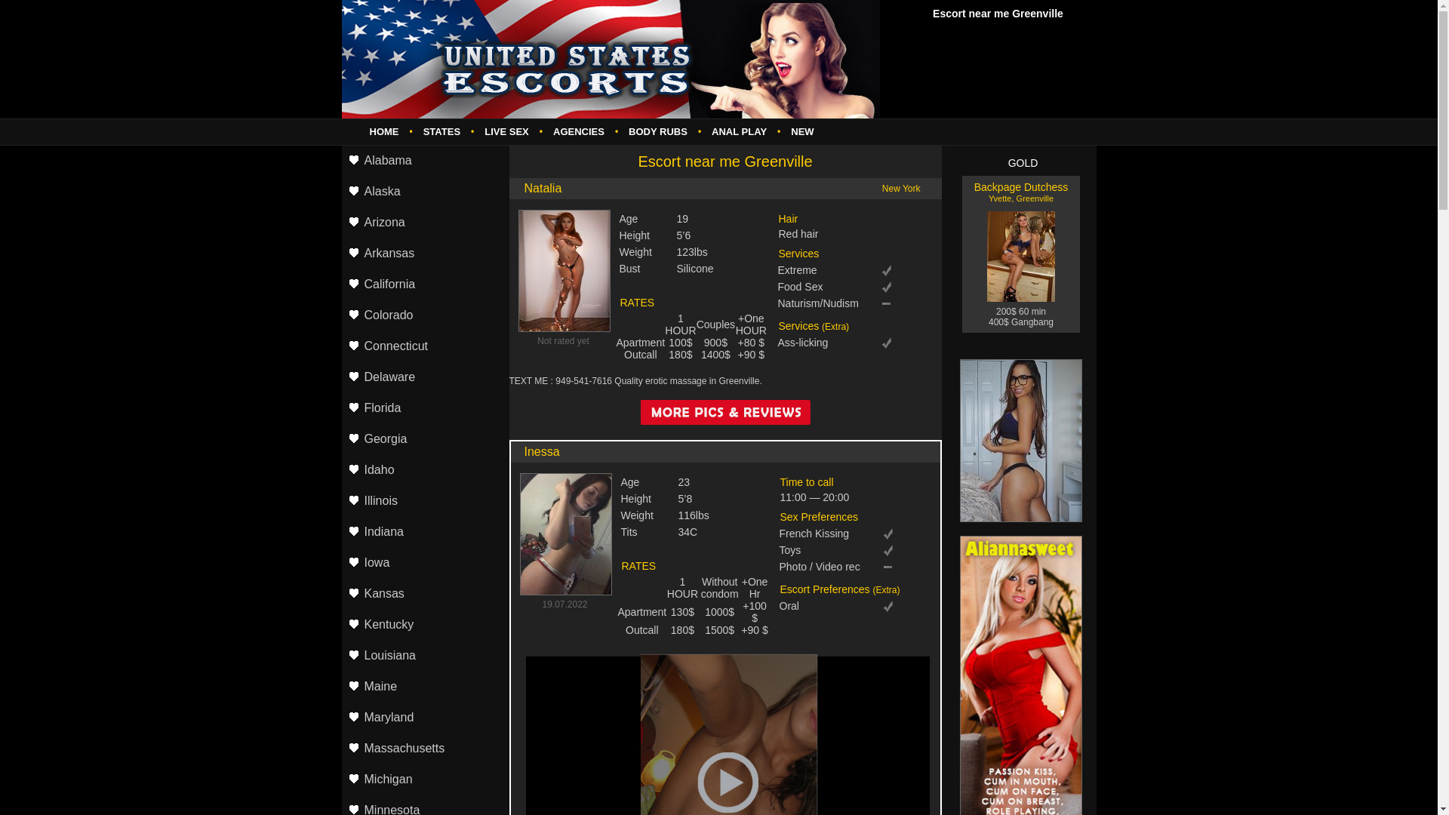 The width and height of the screenshot is (1449, 815). What do you see at coordinates (658, 131) in the screenshot?
I see `'BODY RUBS'` at bounding box center [658, 131].